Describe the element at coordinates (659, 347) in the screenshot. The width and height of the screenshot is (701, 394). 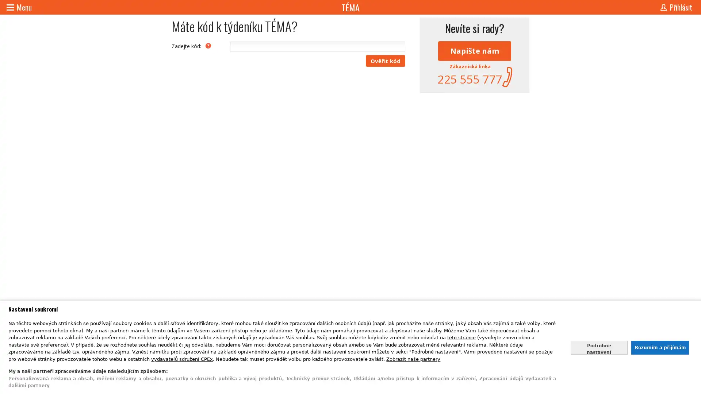
I see `Souhlasit s nasim zpracovanim udaju a zavrit` at that location.